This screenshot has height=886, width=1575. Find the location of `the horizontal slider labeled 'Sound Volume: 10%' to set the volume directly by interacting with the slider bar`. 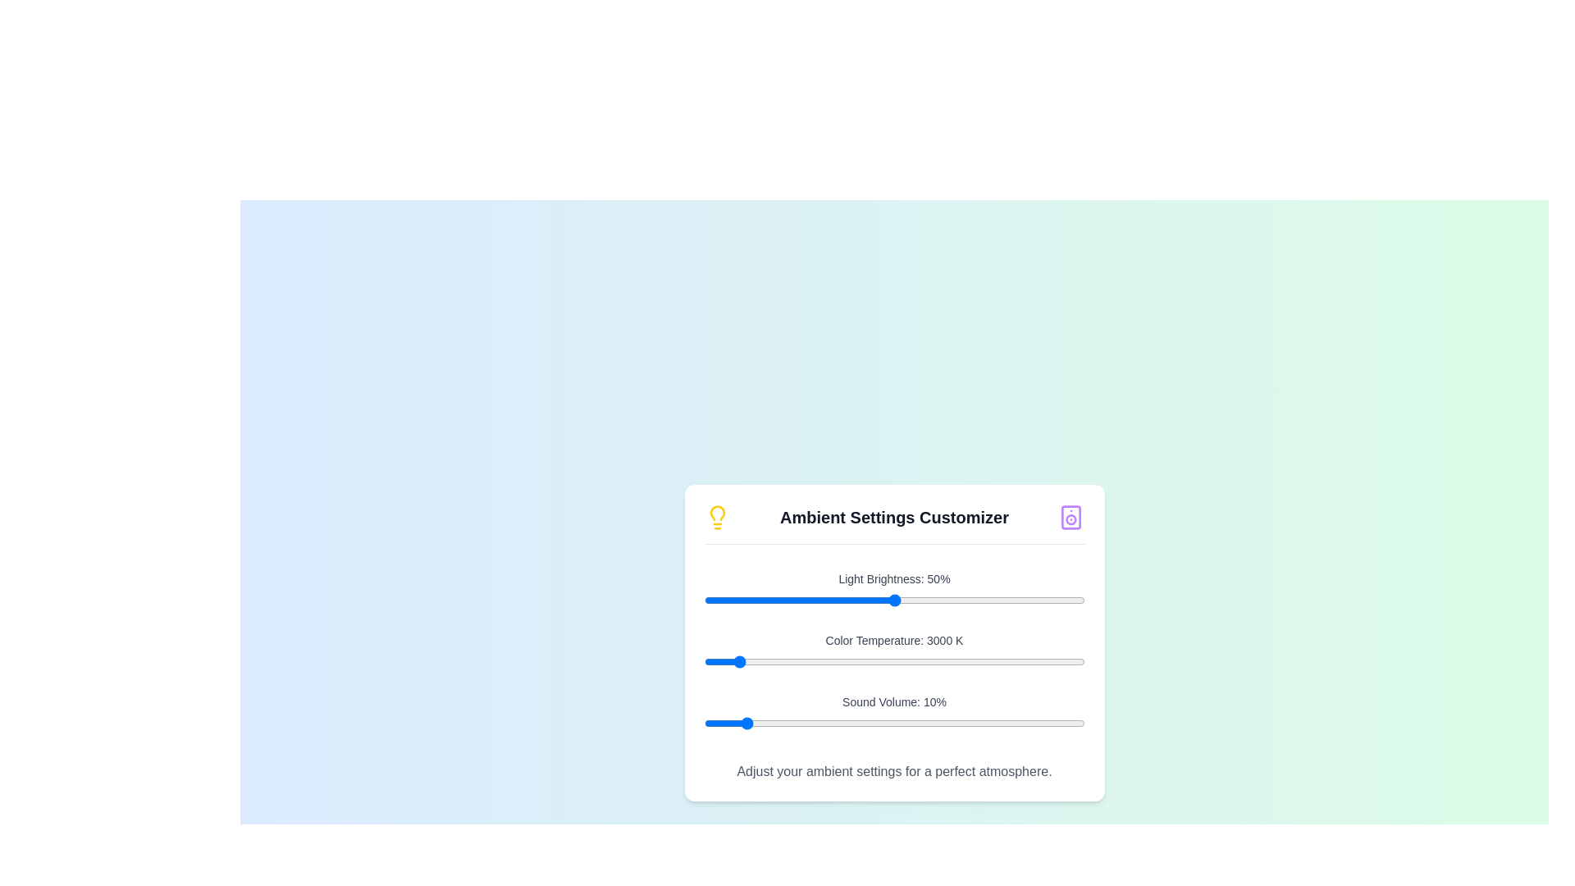

the horizontal slider labeled 'Sound Volume: 10%' to set the volume directly by interacting with the slider bar is located at coordinates (893, 714).